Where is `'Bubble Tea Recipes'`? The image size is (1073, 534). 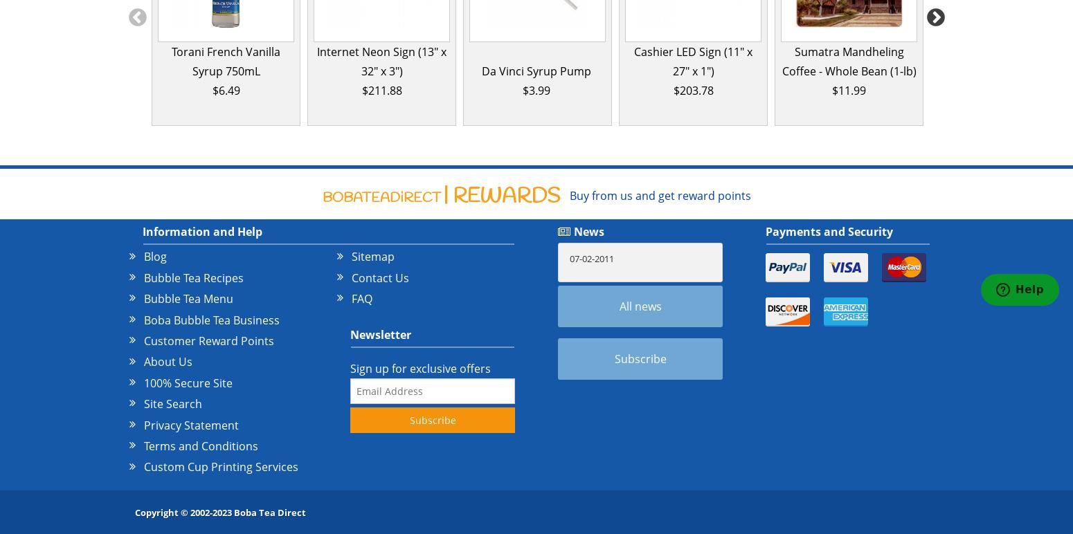
'Bubble Tea Recipes' is located at coordinates (193, 277).